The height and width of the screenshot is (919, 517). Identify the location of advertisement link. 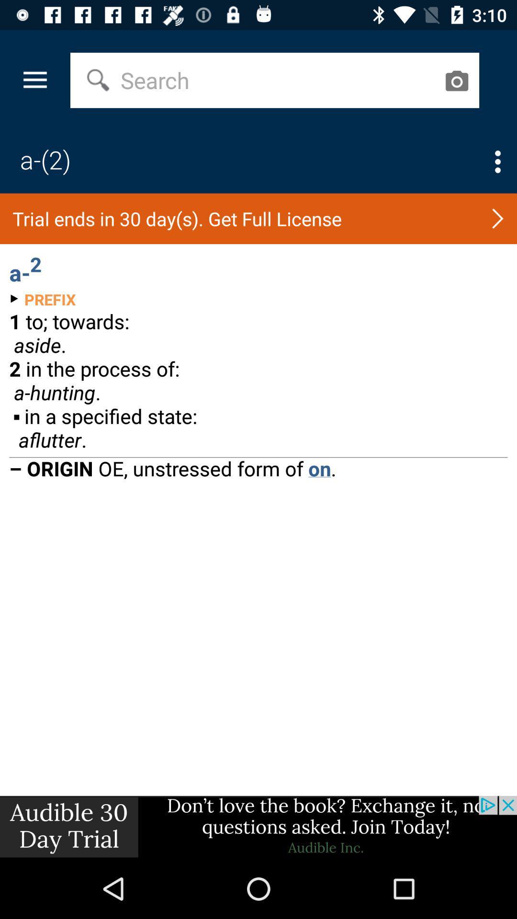
(258, 827).